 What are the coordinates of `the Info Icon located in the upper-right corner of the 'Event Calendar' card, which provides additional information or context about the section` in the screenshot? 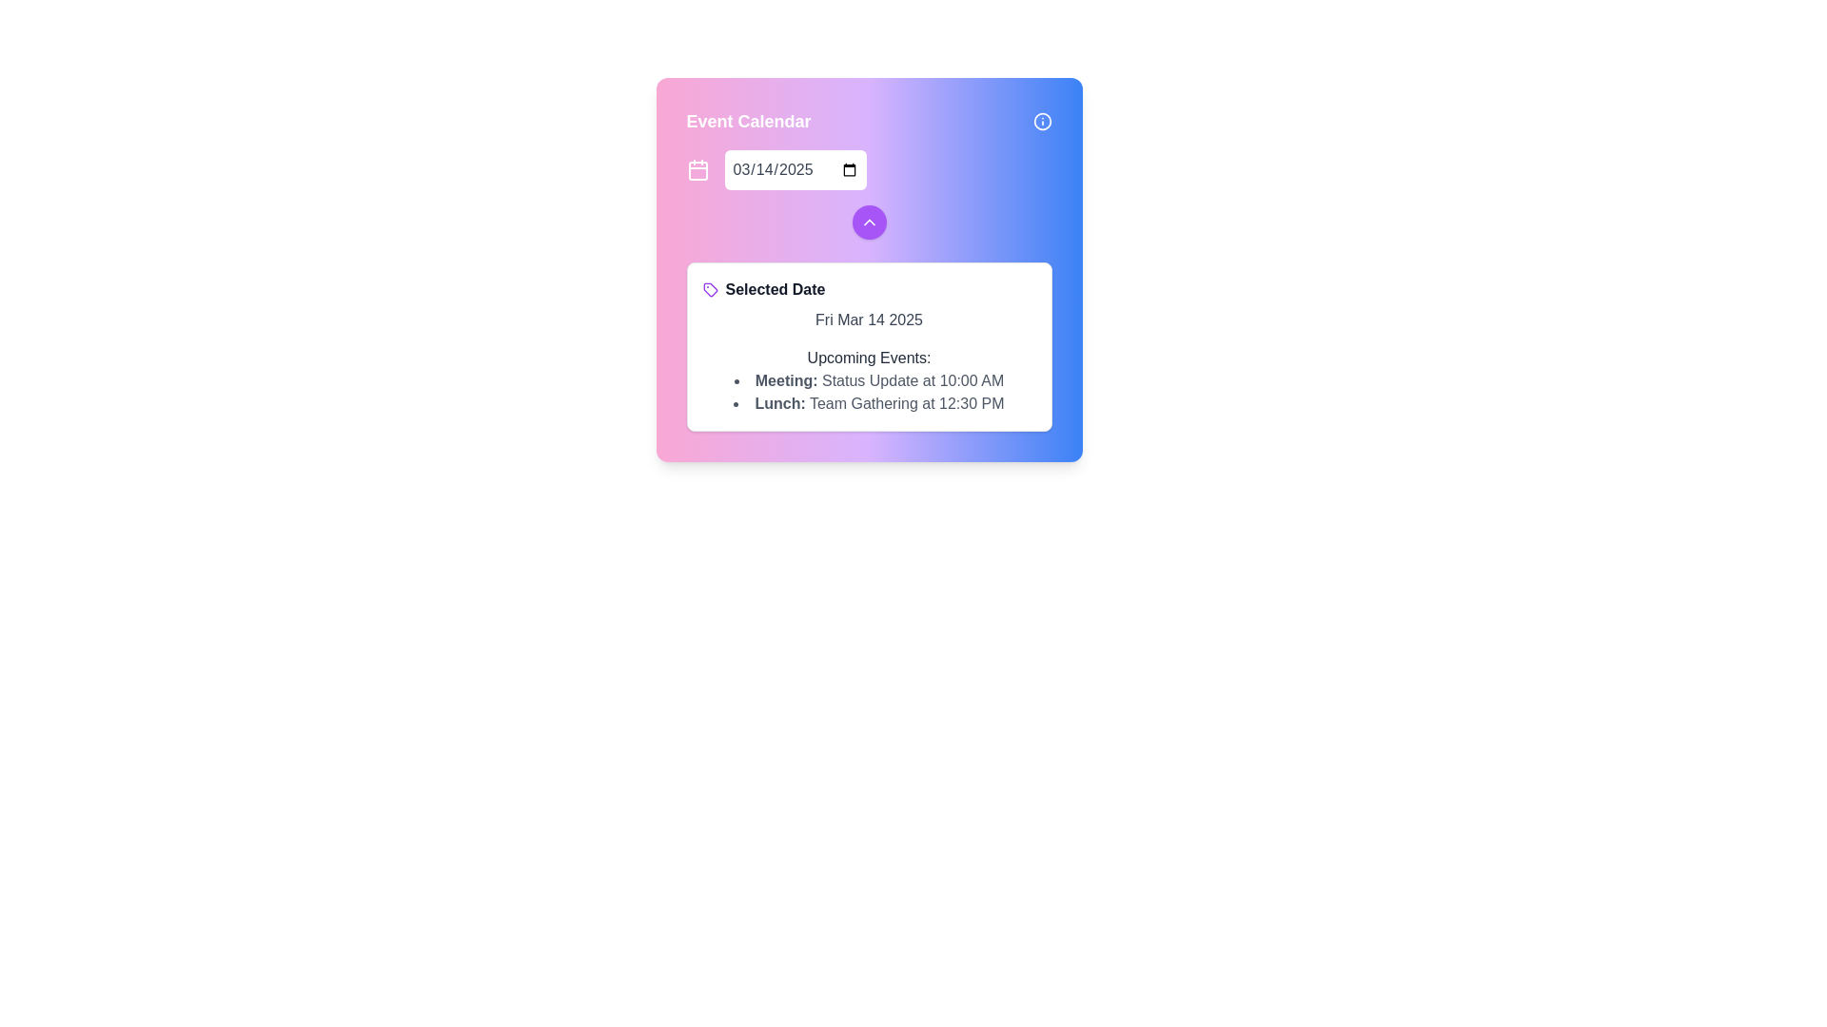 It's located at (1041, 121).